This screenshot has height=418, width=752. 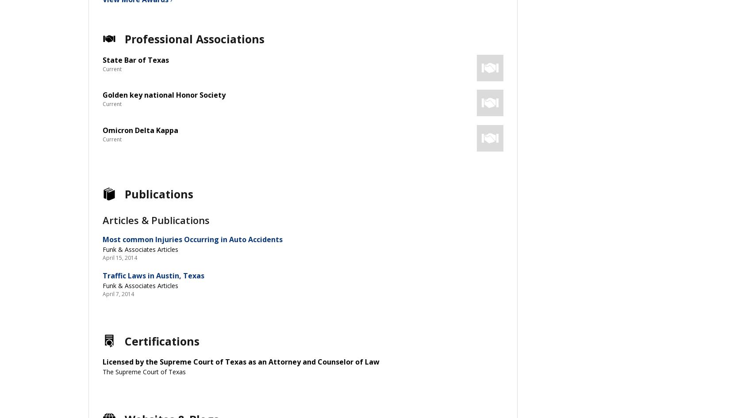 What do you see at coordinates (163, 95) in the screenshot?
I see `'Golden key national Honor Society'` at bounding box center [163, 95].